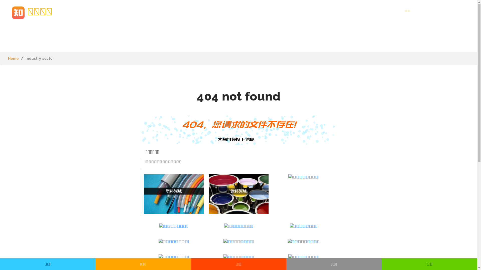 Image resolution: width=481 pixels, height=270 pixels. What do you see at coordinates (13, 58) in the screenshot?
I see `'Home'` at bounding box center [13, 58].